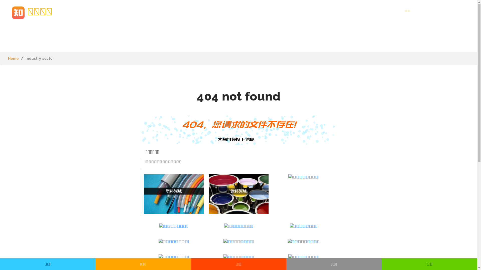 Image resolution: width=481 pixels, height=270 pixels. What do you see at coordinates (13, 58) in the screenshot?
I see `'Home'` at bounding box center [13, 58].